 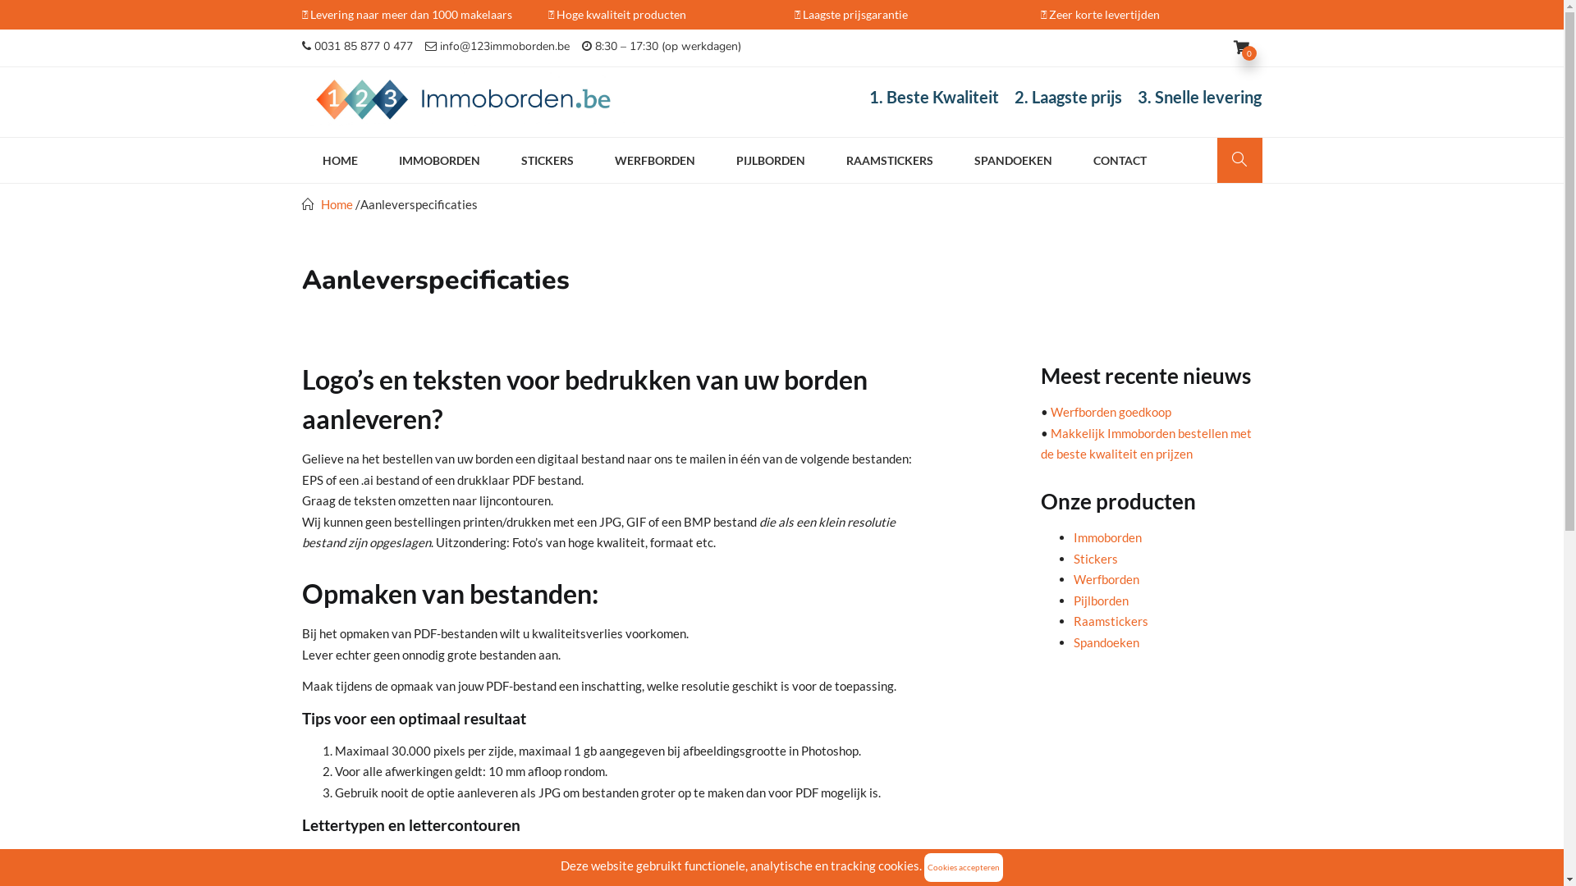 What do you see at coordinates (496, 45) in the screenshot?
I see `'info@123immoborden.be'` at bounding box center [496, 45].